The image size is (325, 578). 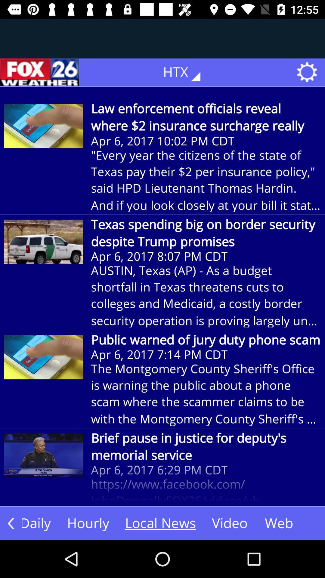 What do you see at coordinates (160, 523) in the screenshot?
I see `local news` at bounding box center [160, 523].